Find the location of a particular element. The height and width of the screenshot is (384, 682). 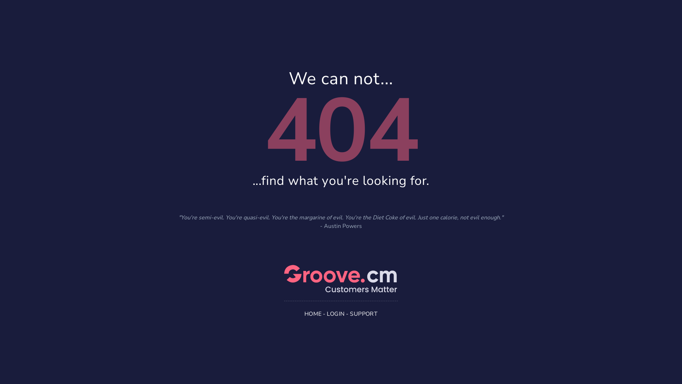

'LOGIN' is located at coordinates (335, 314).